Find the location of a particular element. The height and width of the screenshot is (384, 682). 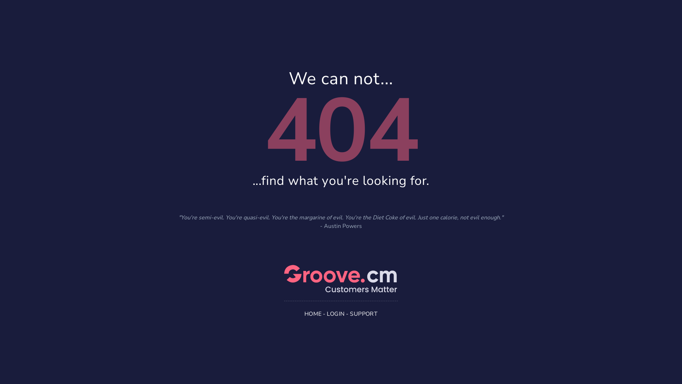

'LOGIN' is located at coordinates (335, 314).